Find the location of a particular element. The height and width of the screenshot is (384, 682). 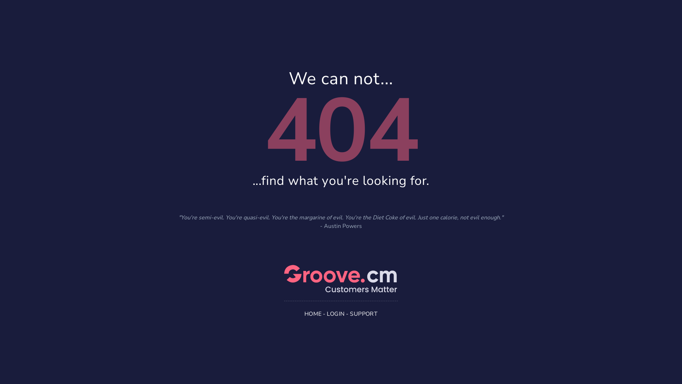

'LOGIN' is located at coordinates (335, 314).